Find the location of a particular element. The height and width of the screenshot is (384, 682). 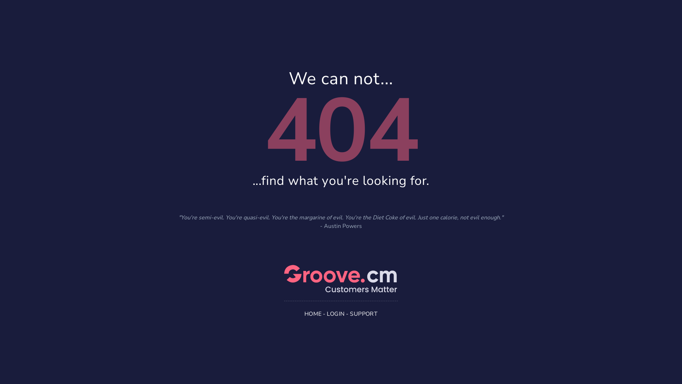

'LOGIN' is located at coordinates (335, 314).